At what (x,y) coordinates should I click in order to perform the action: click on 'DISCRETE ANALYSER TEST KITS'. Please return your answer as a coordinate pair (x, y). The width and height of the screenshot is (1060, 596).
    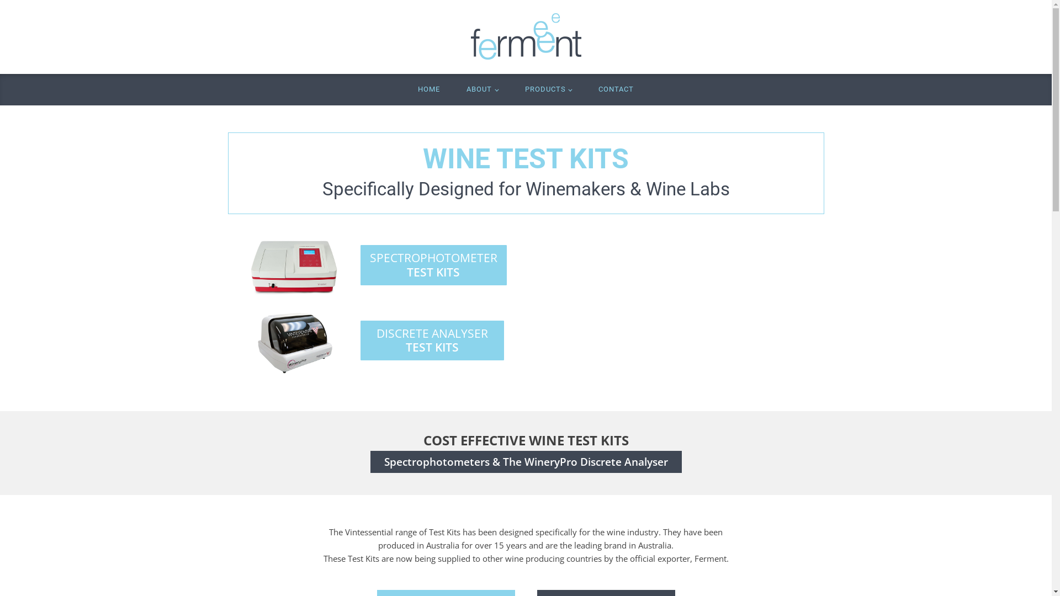
    Looking at the image, I should click on (431, 340).